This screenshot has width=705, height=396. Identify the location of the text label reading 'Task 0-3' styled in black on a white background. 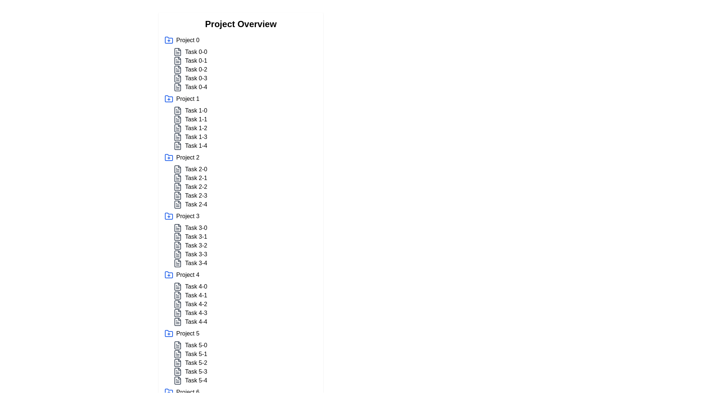
(196, 78).